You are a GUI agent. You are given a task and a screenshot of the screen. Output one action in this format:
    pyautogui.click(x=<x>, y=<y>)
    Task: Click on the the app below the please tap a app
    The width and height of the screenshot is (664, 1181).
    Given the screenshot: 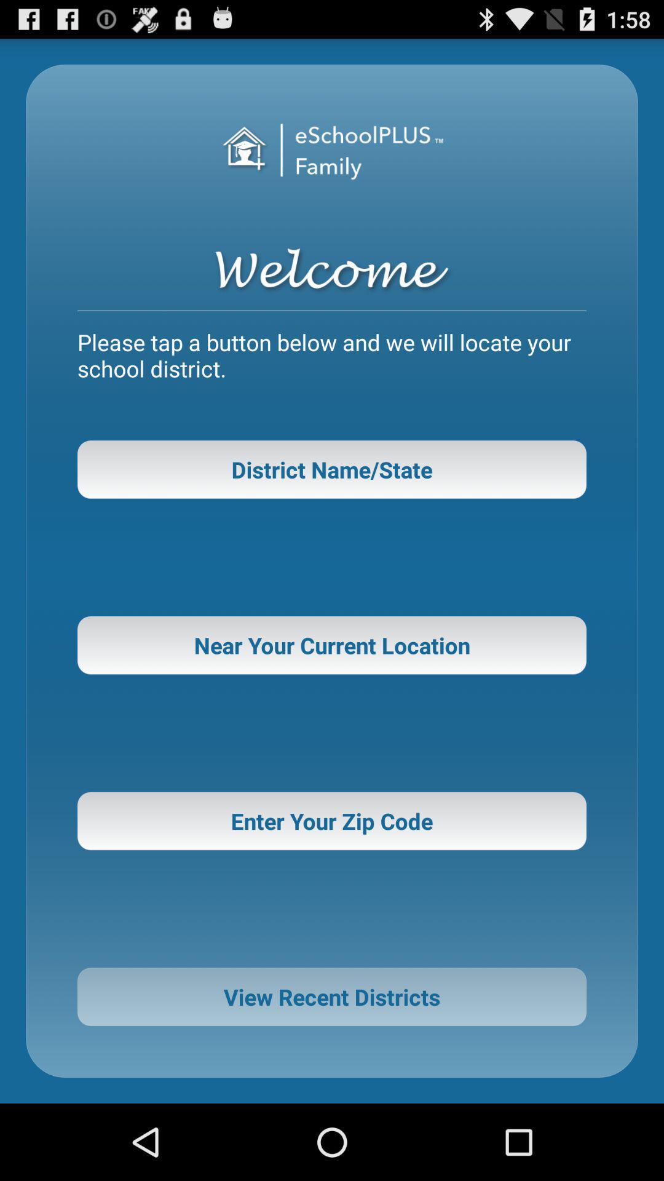 What is the action you would take?
    pyautogui.click(x=332, y=469)
    